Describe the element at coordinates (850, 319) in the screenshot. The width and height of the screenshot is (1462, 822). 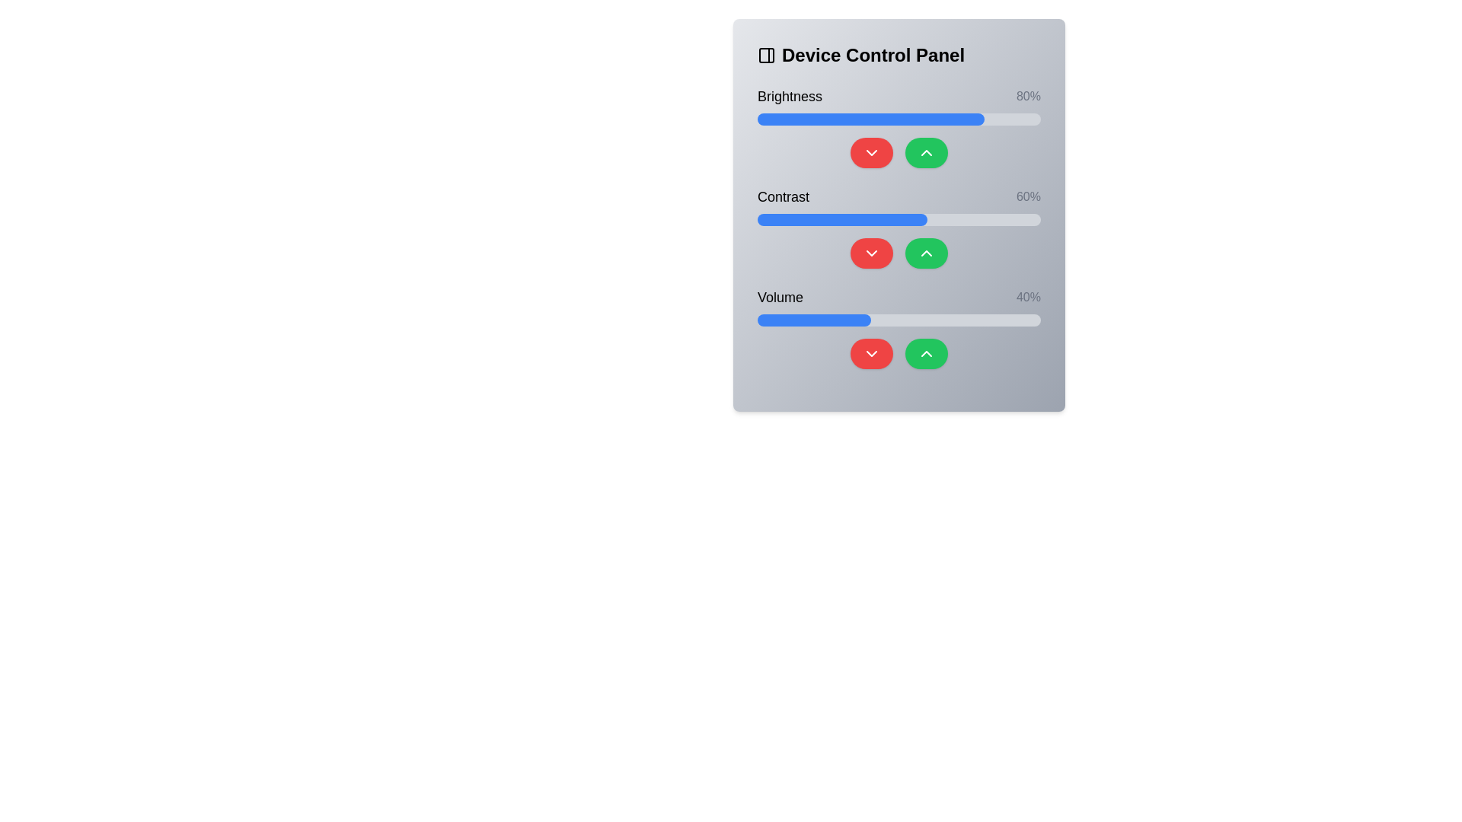
I see `the volume` at that location.